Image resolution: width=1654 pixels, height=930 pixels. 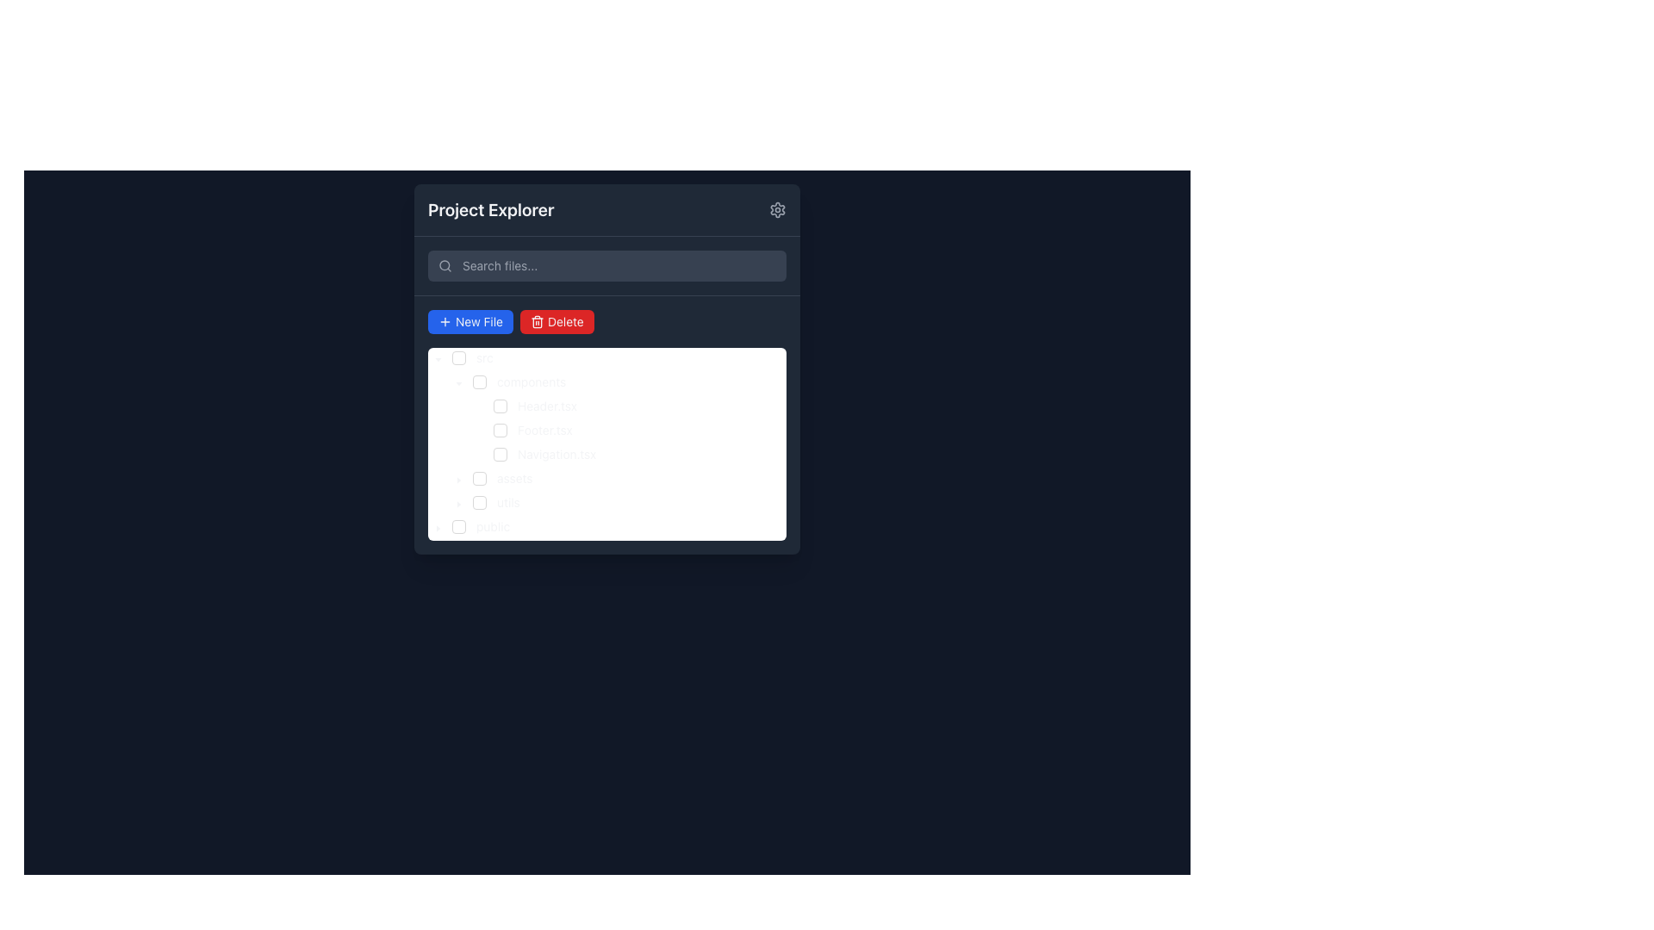 What do you see at coordinates (500, 381) in the screenshot?
I see `the checkbox of the 'components' tree item in the Project Explorer` at bounding box center [500, 381].